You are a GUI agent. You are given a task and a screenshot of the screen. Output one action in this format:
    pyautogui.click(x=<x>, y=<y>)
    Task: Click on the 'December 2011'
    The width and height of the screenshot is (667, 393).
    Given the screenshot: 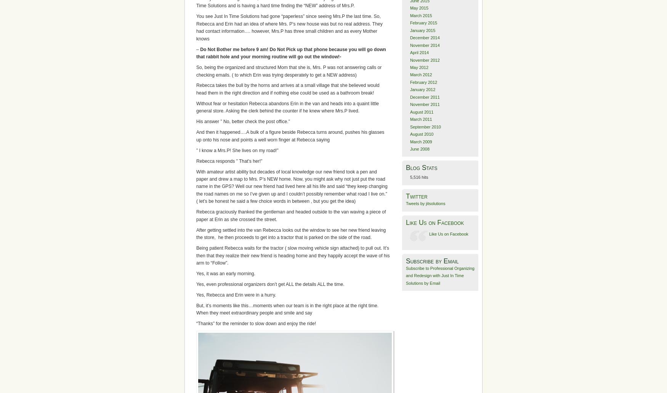 What is the action you would take?
    pyautogui.click(x=425, y=97)
    